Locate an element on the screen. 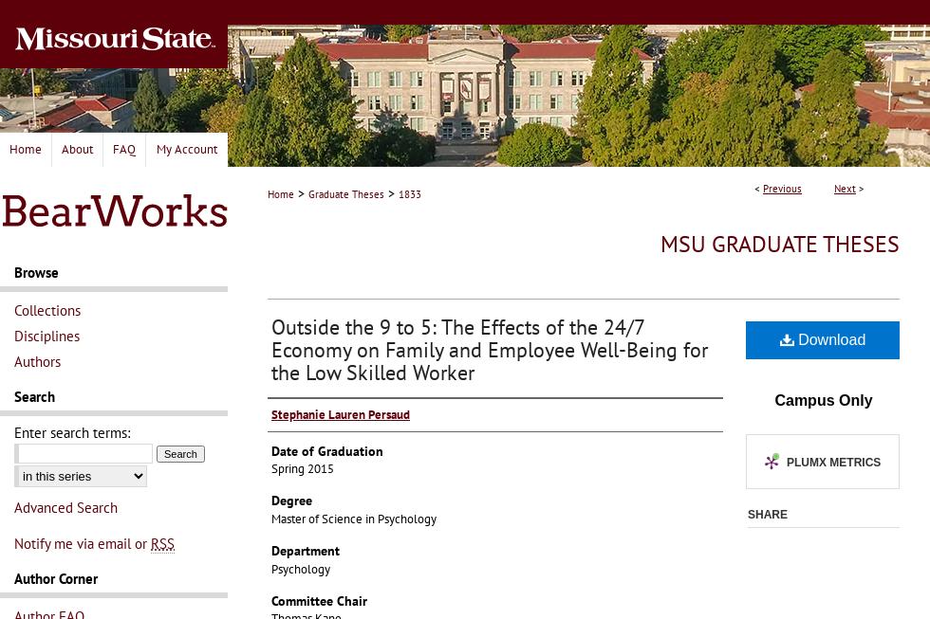  'Committee Chair' is located at coordinates (319, 600).